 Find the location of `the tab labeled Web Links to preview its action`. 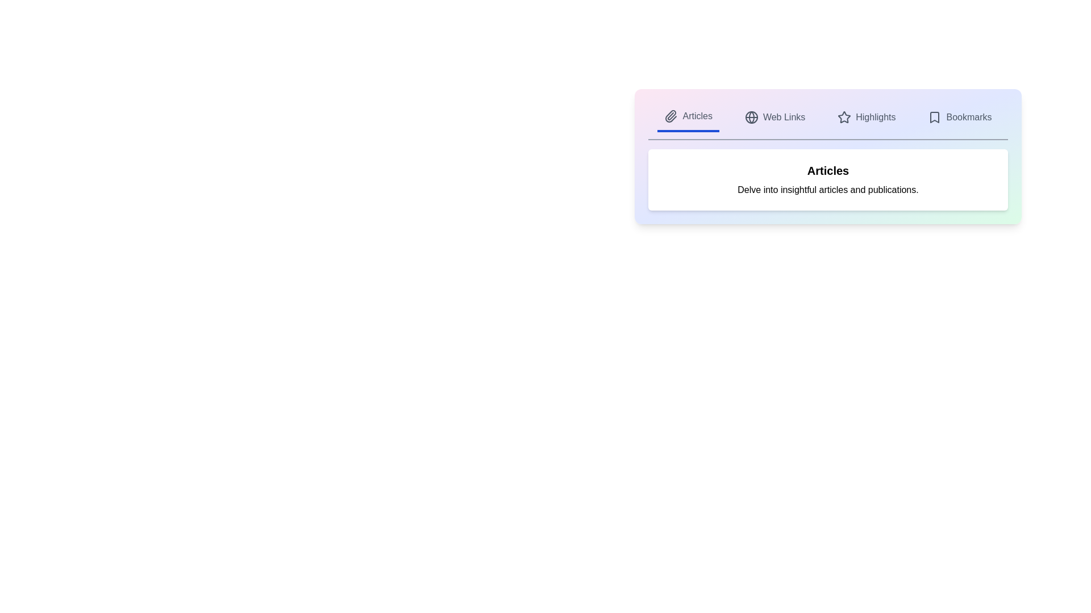

the tab labeled Web Links to preview its action is located at coordinates (774, 117).